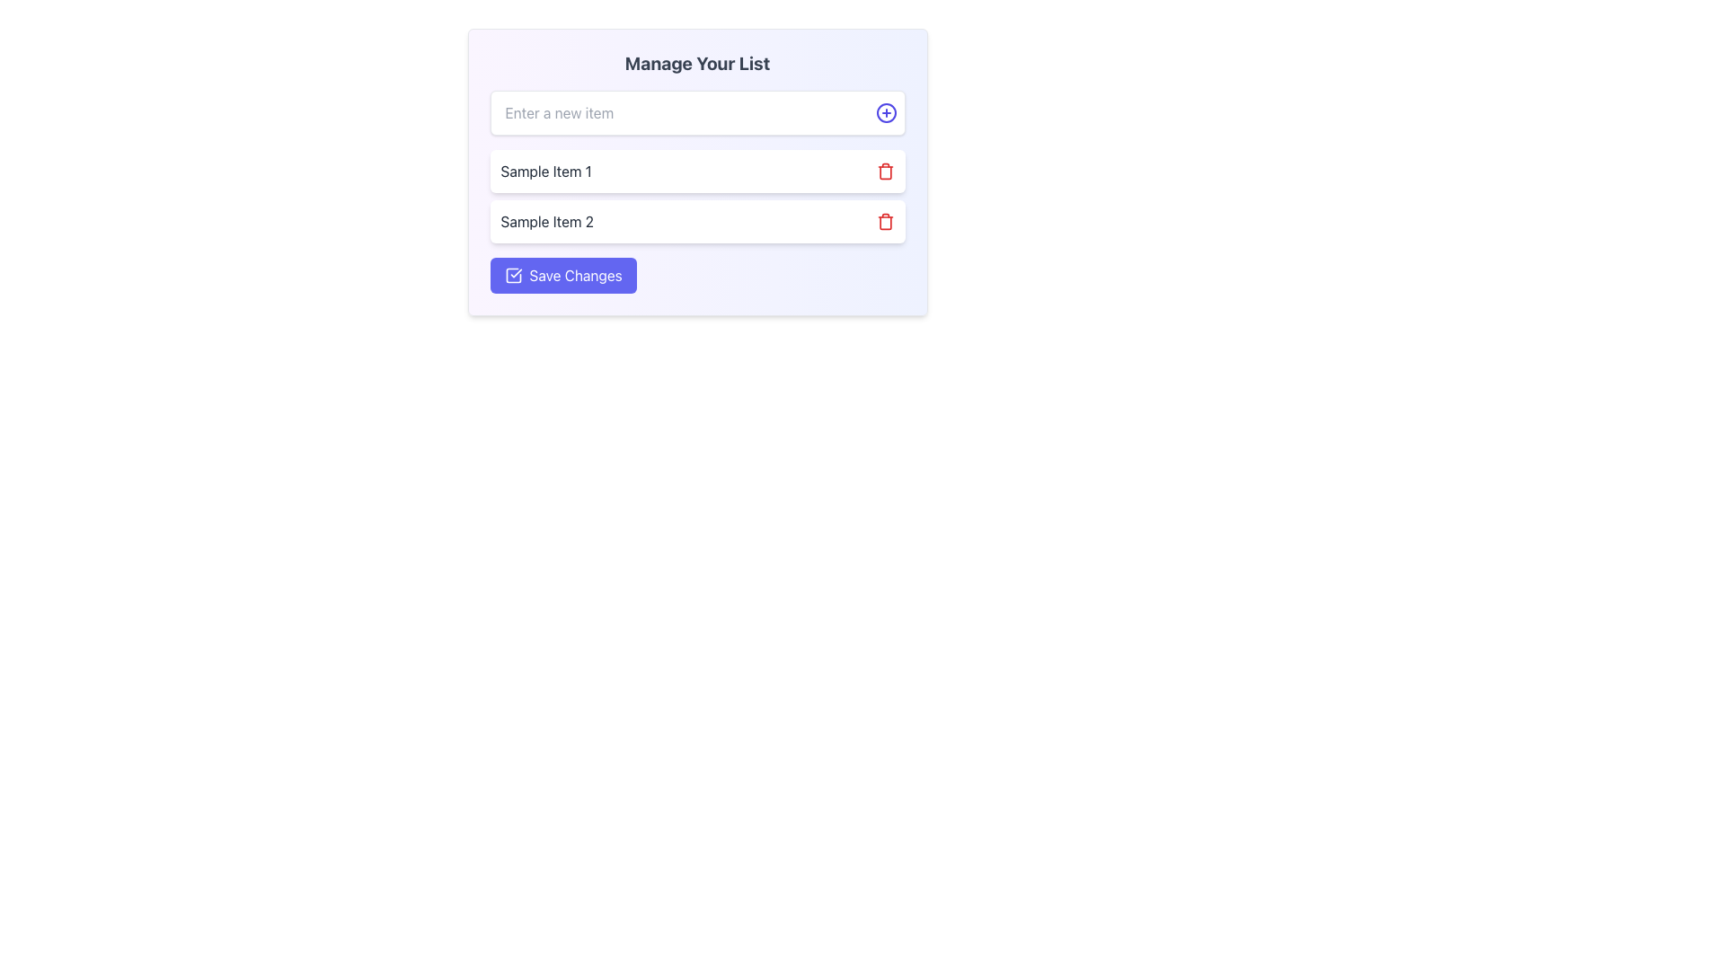 The image size is (1725, 970). Describe the element at coordinates (546, 220) in the screenshot. I see `the text label displaying 'Sample Item 2'` at that location.